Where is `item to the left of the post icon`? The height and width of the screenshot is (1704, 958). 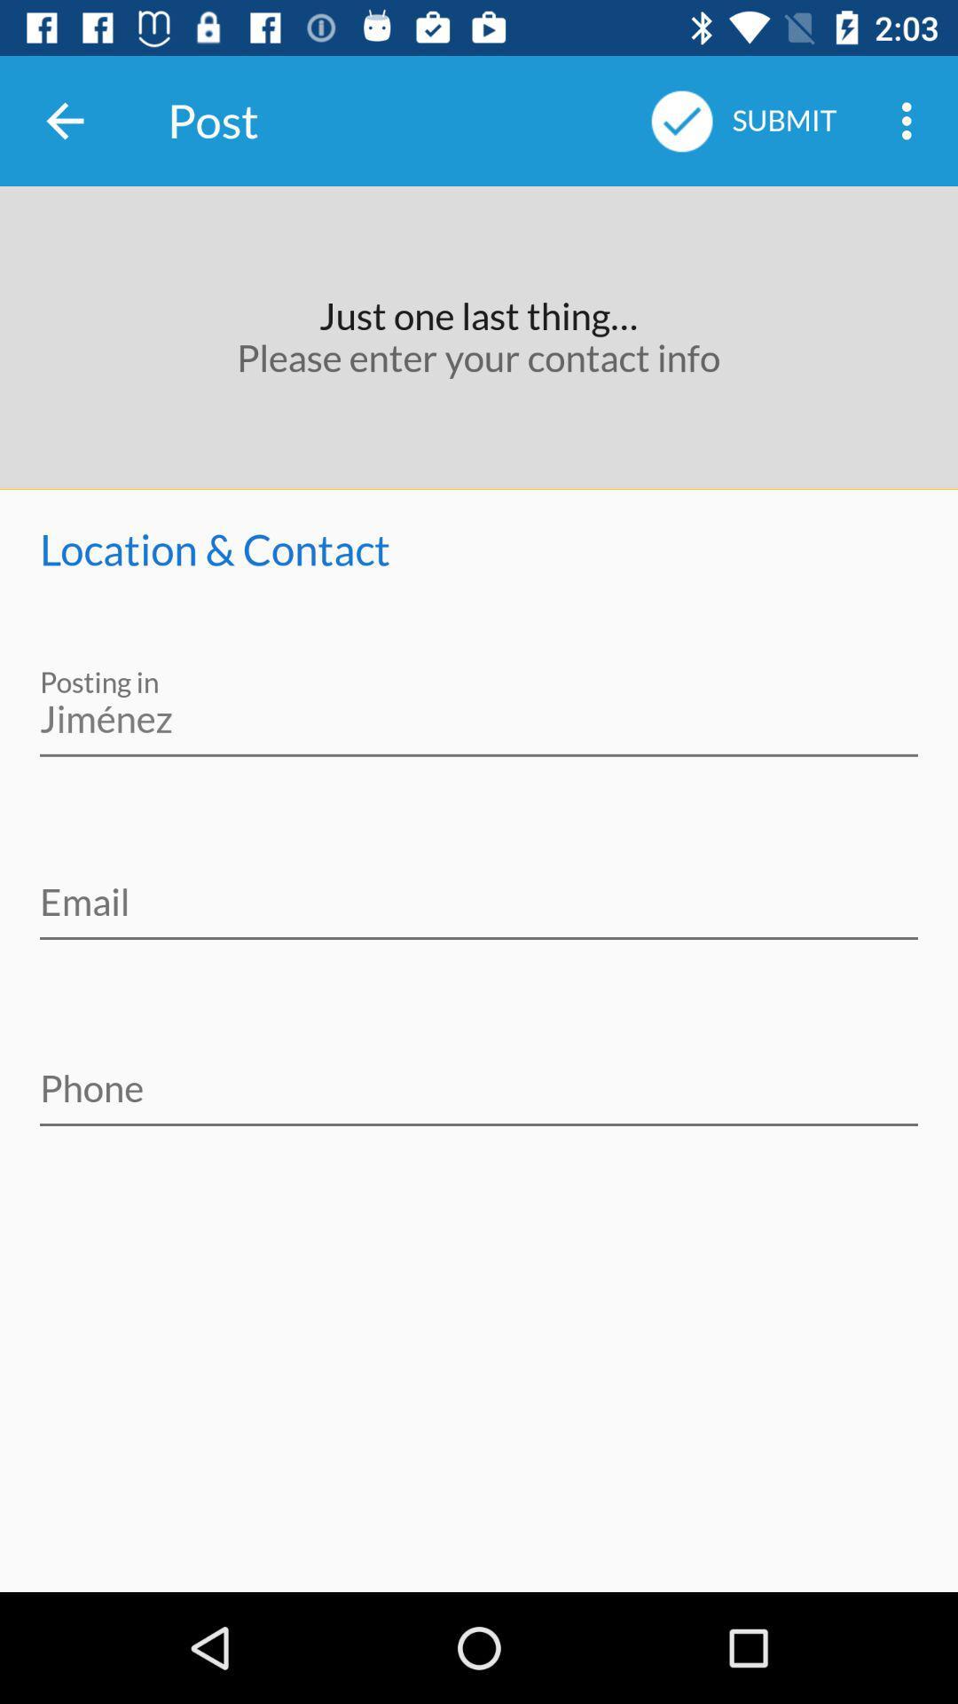 item to the left of the post icon is located at coordinates (64, 120).